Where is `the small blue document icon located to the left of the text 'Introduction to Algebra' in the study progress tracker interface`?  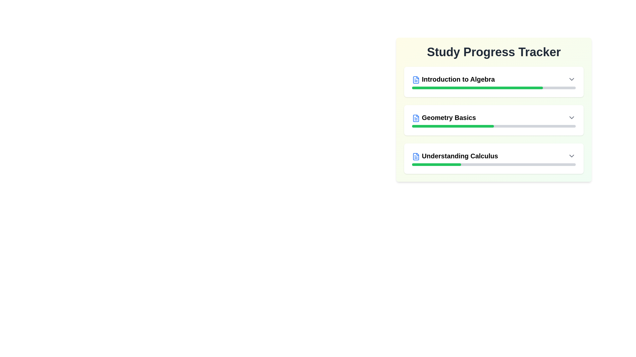 the small blue document icon located to the left of the text 'Introduction to Algebra' in the study progress tracker interface is located at coordinates (416, 79).